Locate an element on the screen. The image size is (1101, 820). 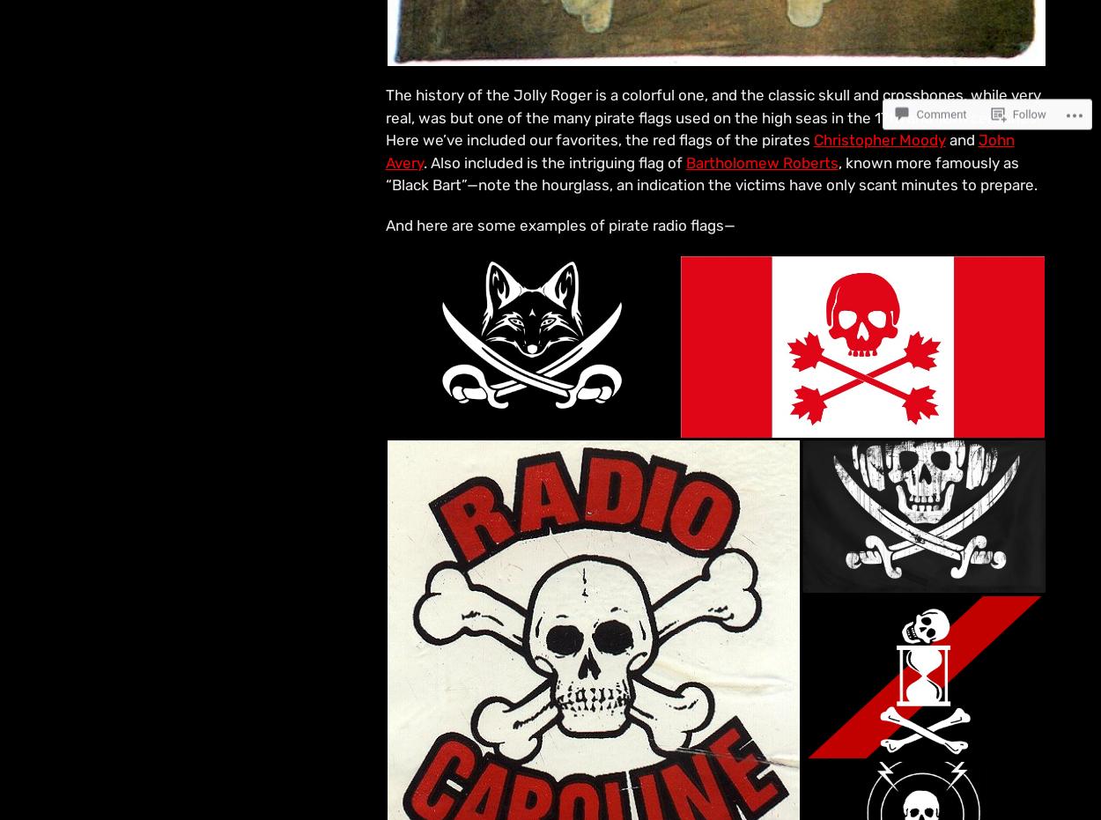
'and 18' is located at coordinates (927, 117).